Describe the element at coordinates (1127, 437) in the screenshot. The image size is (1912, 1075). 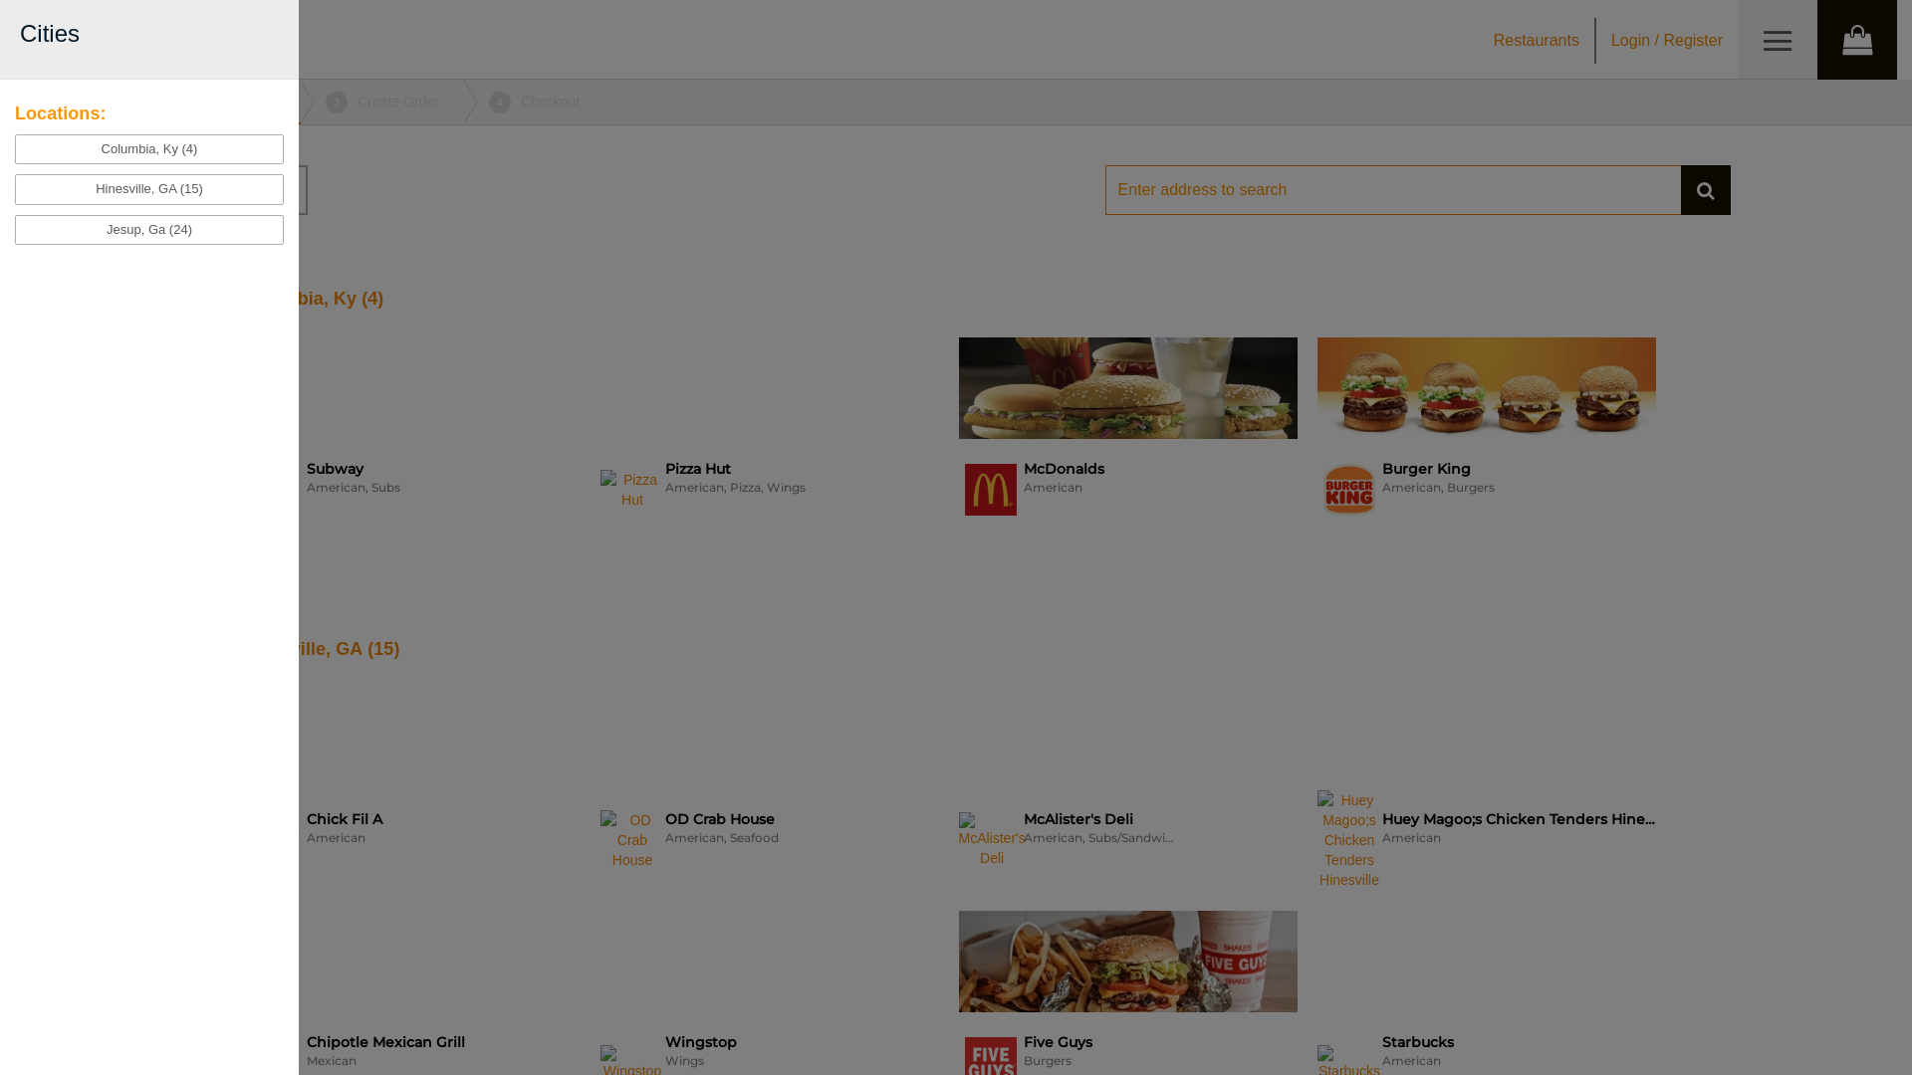
I see `'McDonalds` at that location.